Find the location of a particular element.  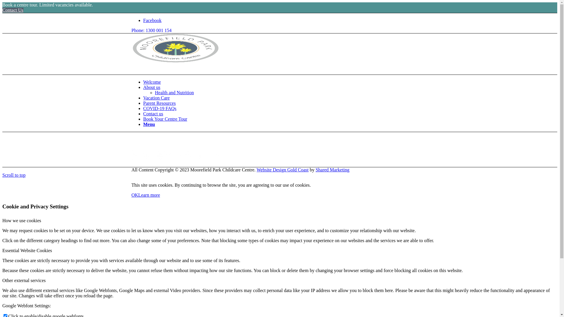

'OK' is located at coordinates (135, 195).